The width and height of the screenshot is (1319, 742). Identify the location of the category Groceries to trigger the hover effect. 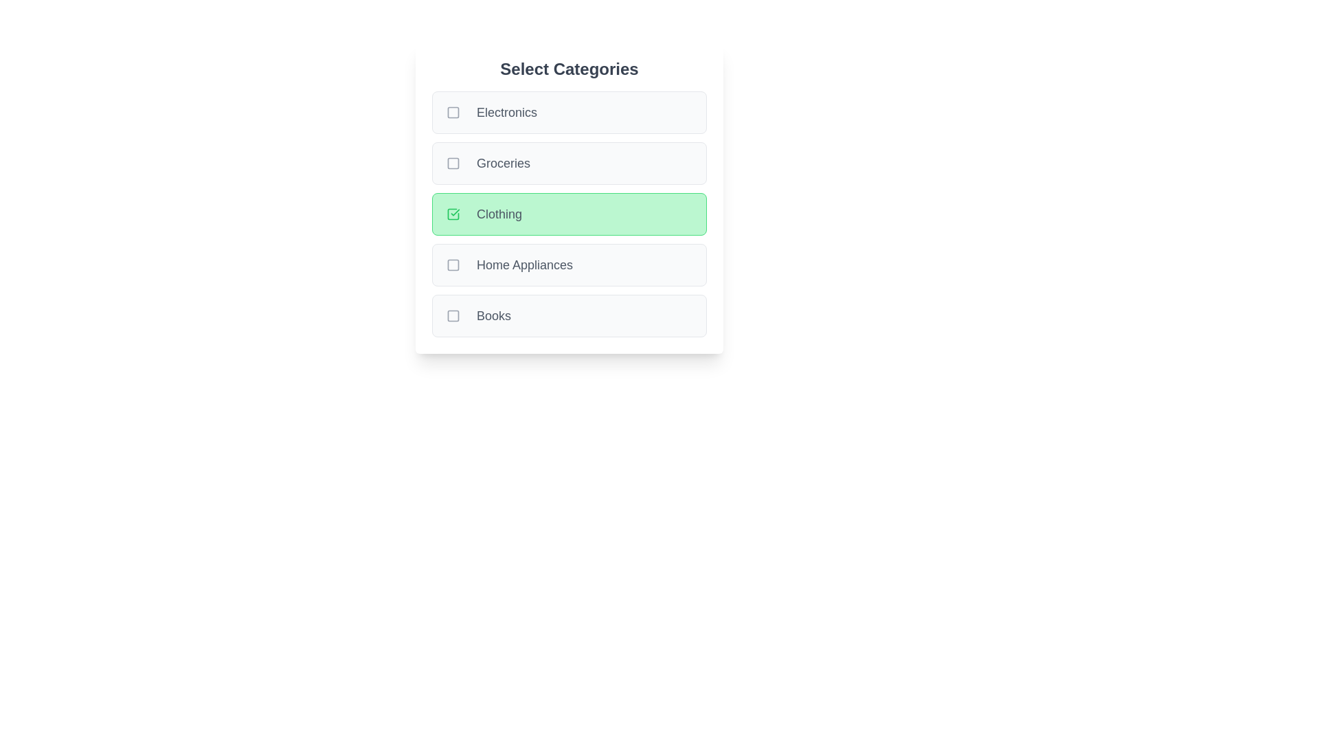
(570, 163).